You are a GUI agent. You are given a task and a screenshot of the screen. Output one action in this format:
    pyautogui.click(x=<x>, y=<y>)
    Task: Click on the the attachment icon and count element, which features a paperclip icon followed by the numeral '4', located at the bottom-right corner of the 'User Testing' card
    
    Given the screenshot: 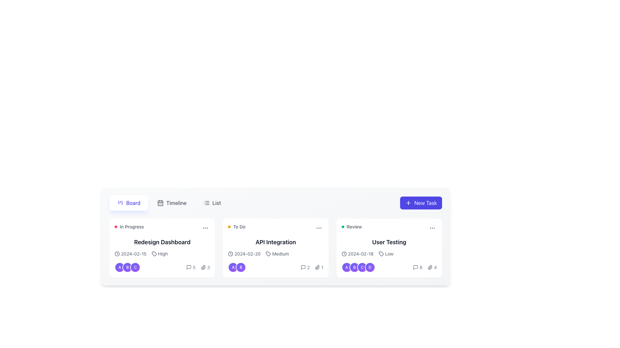 What is the action you would take?
    pyautogui.click(x=432, y=267)
    